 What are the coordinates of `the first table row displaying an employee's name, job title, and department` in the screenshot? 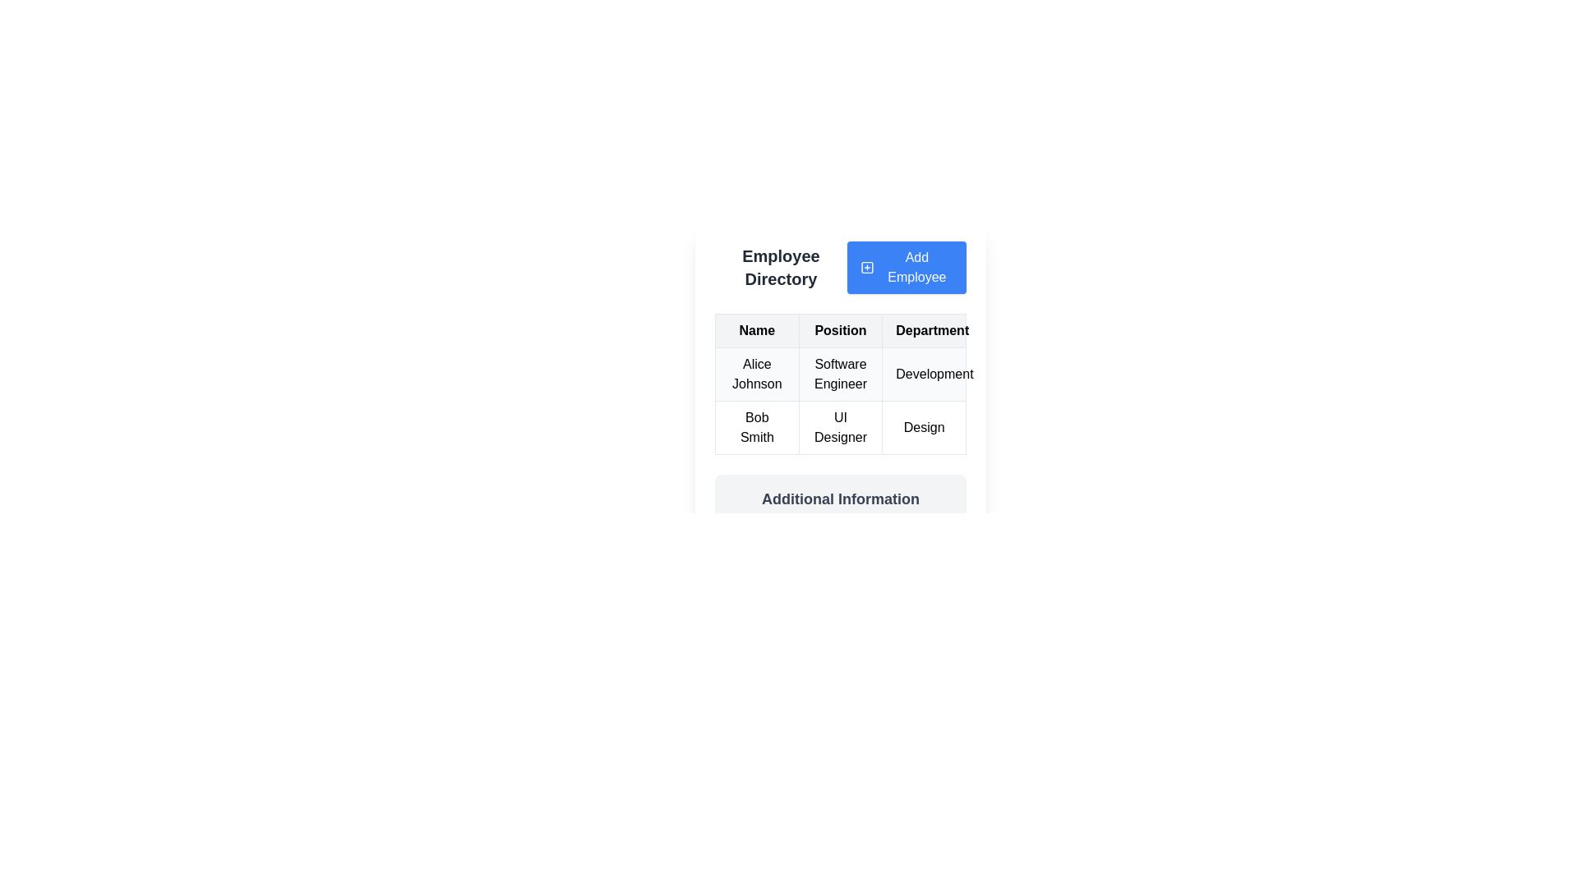 It's located at (840, 374).